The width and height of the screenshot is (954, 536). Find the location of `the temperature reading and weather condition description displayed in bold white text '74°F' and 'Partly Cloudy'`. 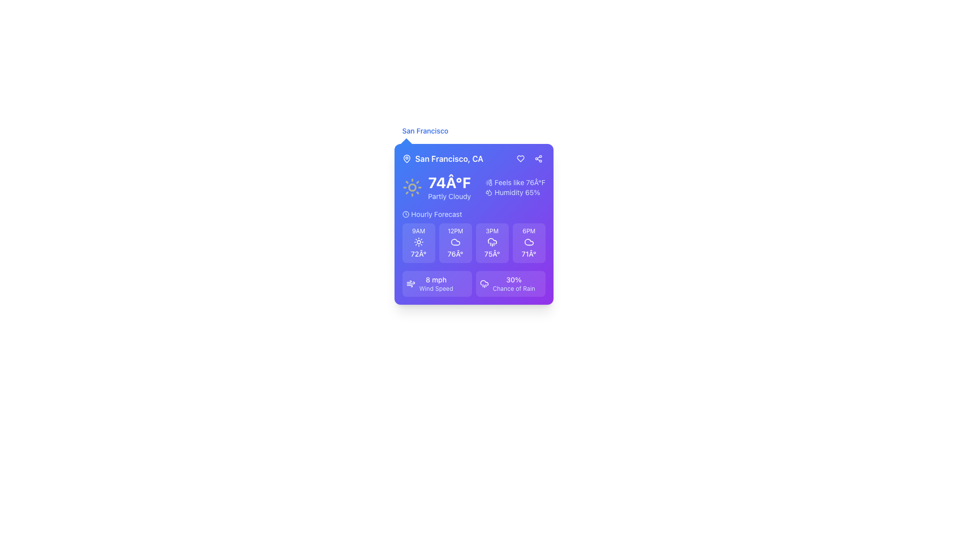

the temperature reading and weather condition description displayed in bold white text '74°F' and 'Partly Cloudy' is located at coordinates (449, 188).